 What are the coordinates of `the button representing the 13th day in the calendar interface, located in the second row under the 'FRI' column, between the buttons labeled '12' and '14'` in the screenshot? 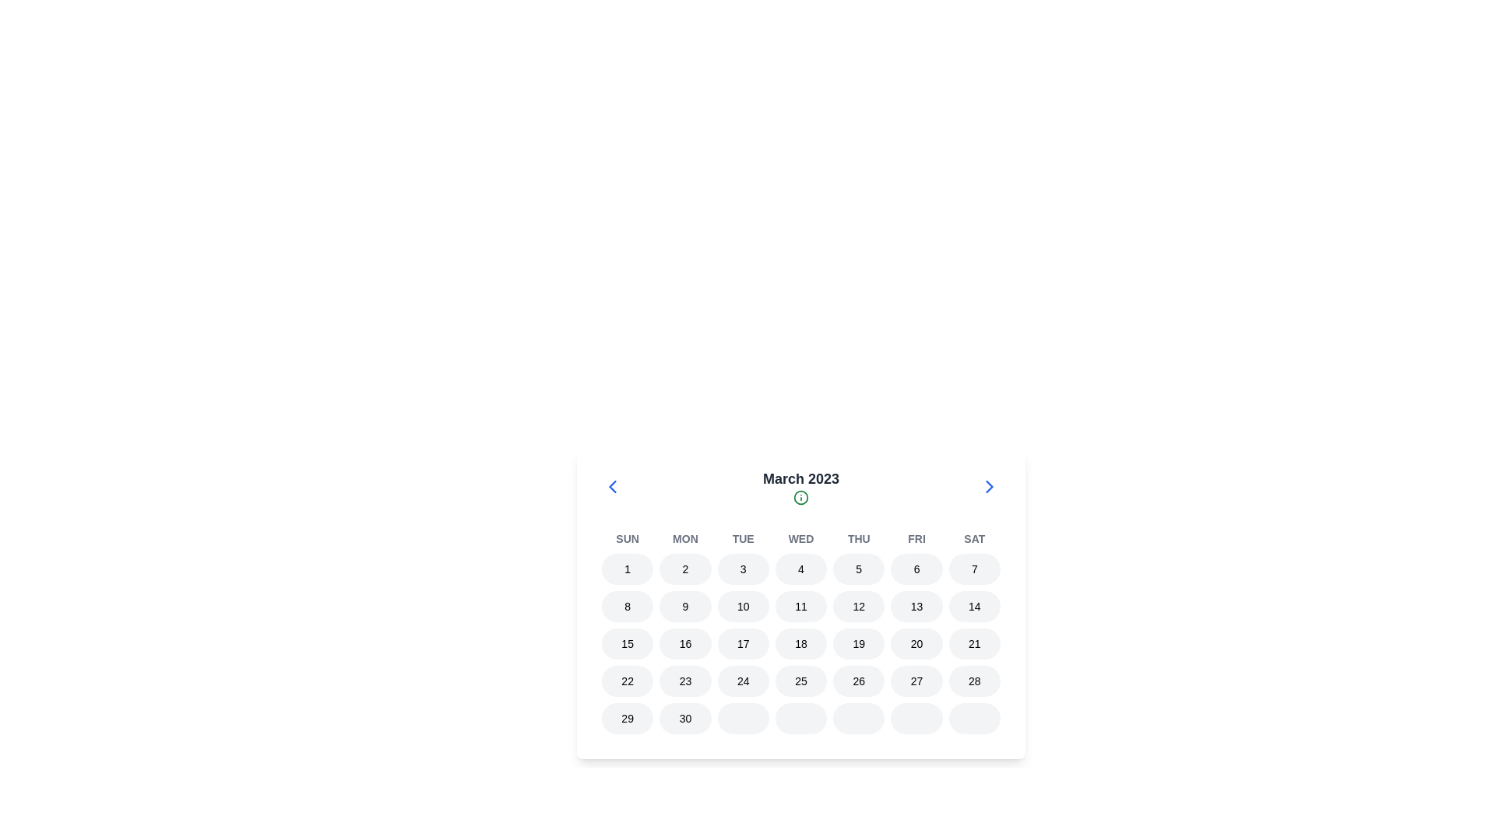 It's located at (916, 605).